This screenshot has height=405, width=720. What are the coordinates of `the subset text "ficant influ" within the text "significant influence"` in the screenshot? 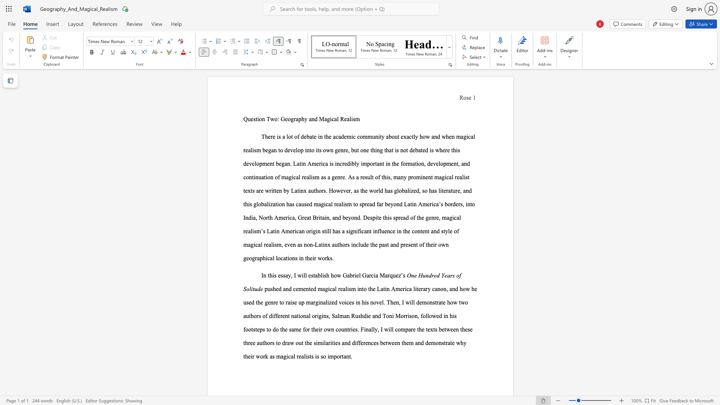 It's located at (357, 231).